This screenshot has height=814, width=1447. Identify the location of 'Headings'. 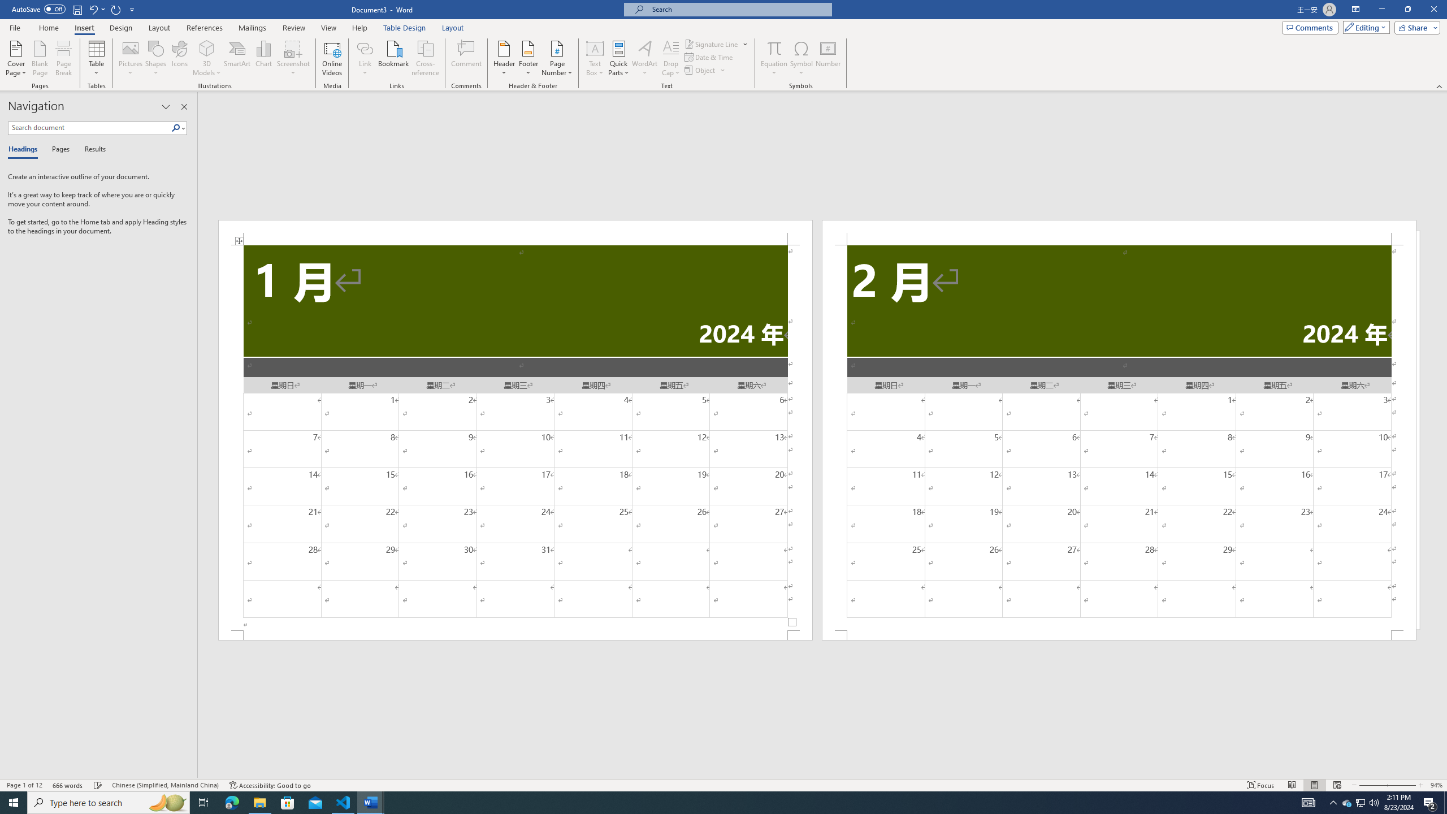
(25, 149).